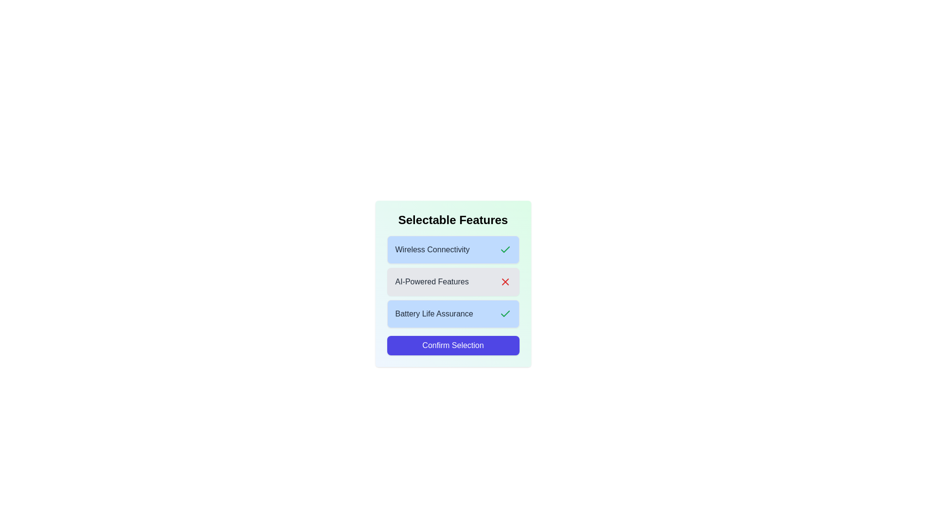 The image size is (934, 525). What do you see at coordinates (431, 281) in the screenshot?
I see `the text label reading 'AI-Powered Features', which is styled with a medium font weight and dark gray color, located within a light gray rectangular section` at bounding box center [431, 281].